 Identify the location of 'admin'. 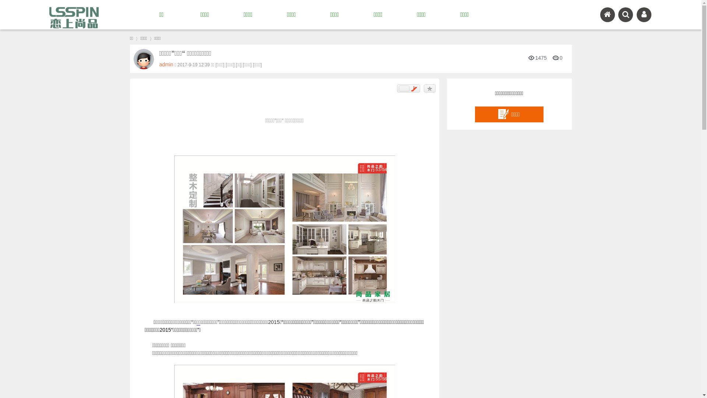
(143, 59).